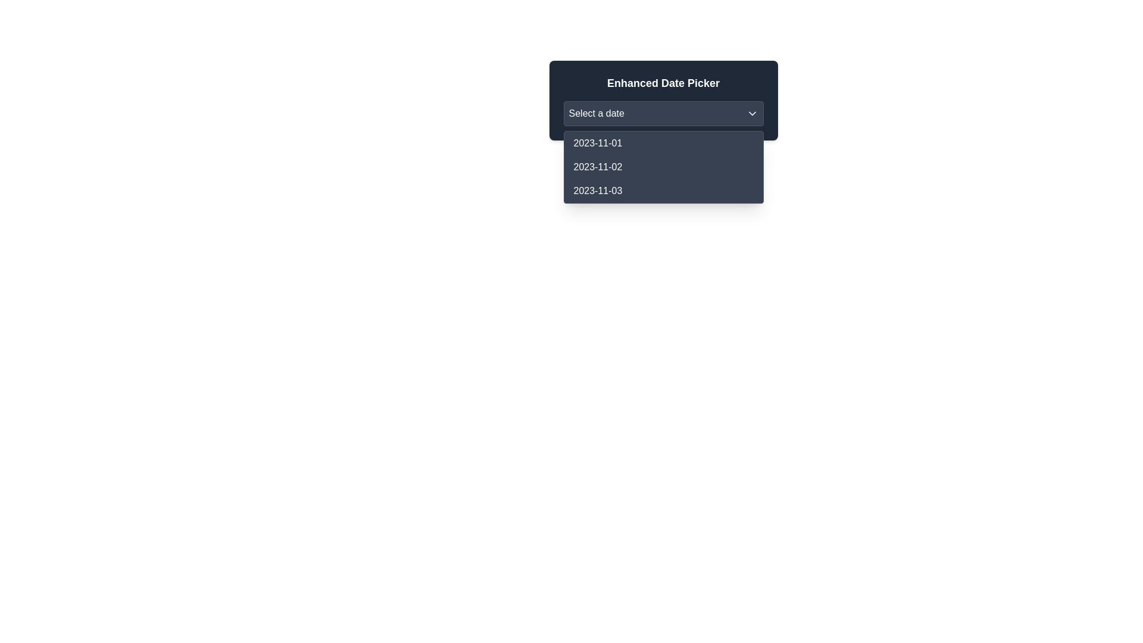  What do you see at coordinates (663, 142) in the screenshot?
I see `the dropdown menu button labeled '2023-11-01'` at bounding box center [663, 142].